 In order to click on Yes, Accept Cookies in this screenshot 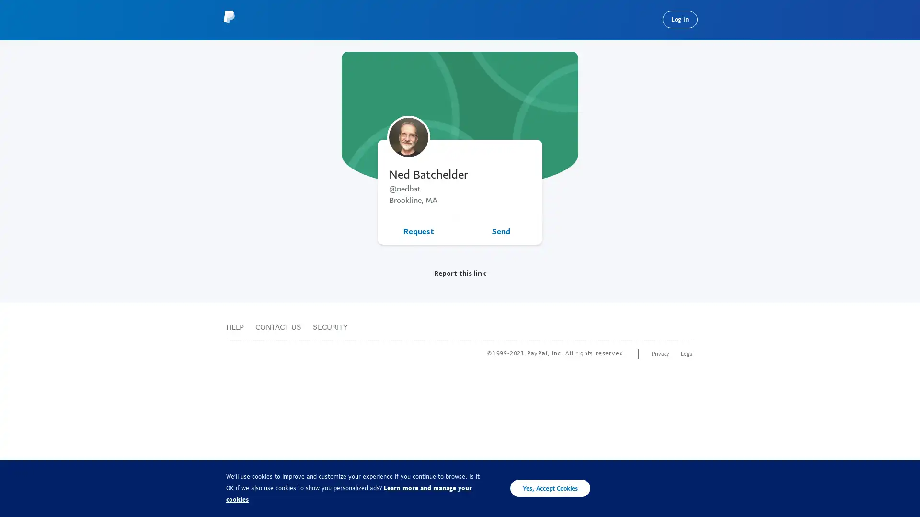, I will do `click(550, 488)`.